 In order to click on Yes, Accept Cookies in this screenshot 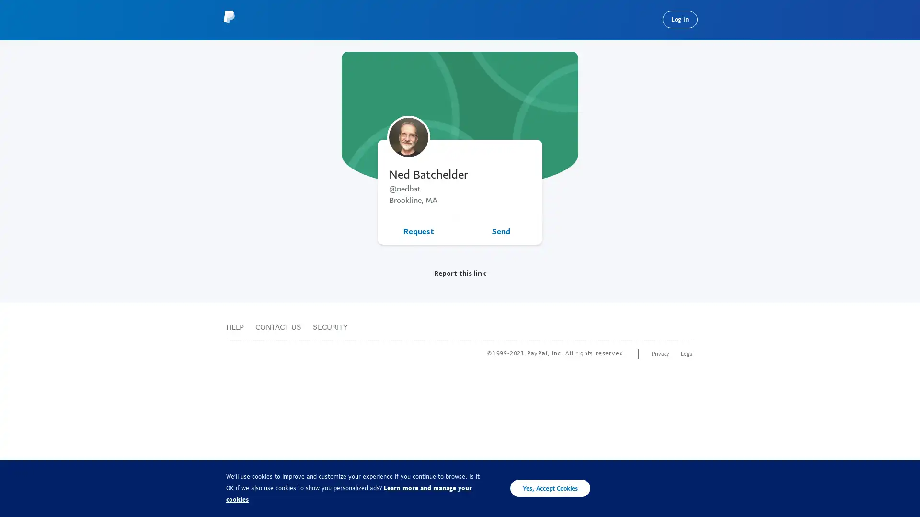, I will do `click(550, 488)`.